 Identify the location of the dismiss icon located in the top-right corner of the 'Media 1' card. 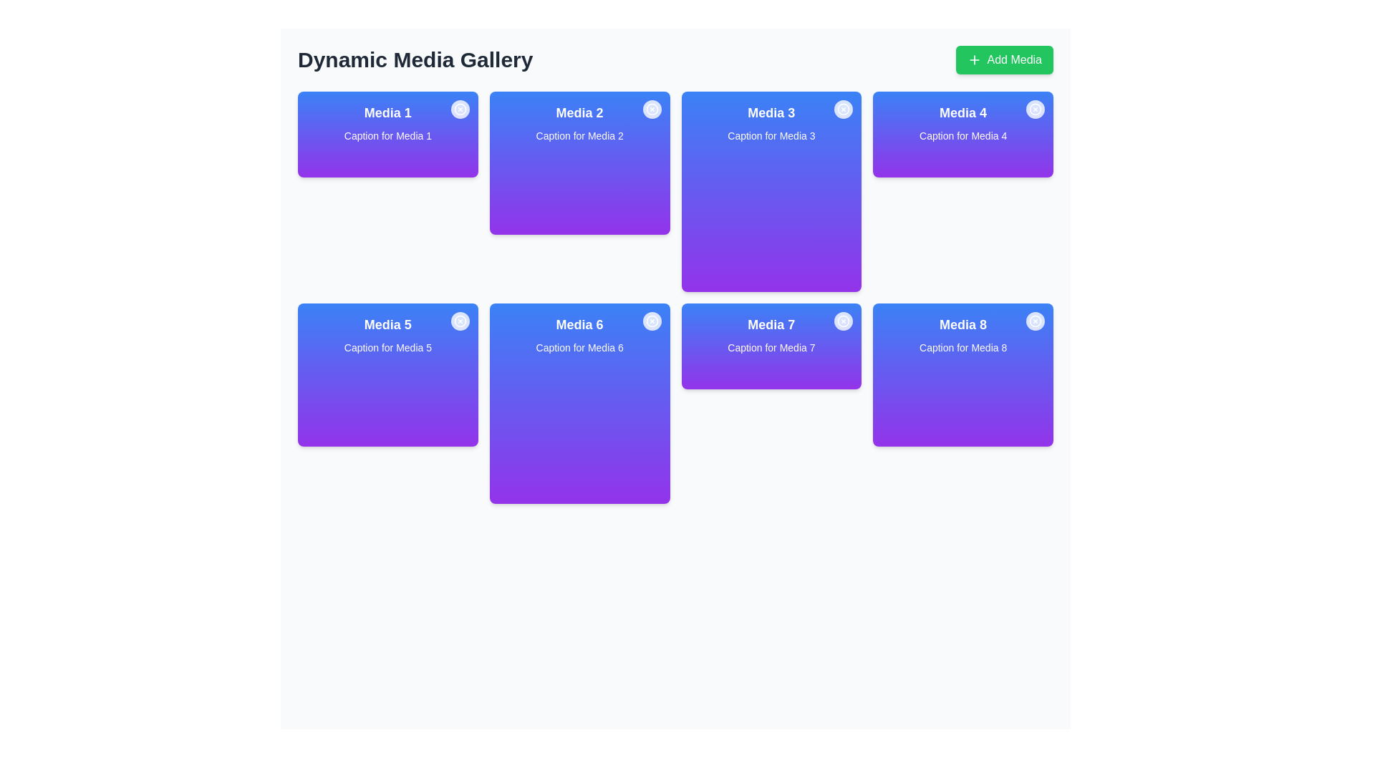
(460, 109).